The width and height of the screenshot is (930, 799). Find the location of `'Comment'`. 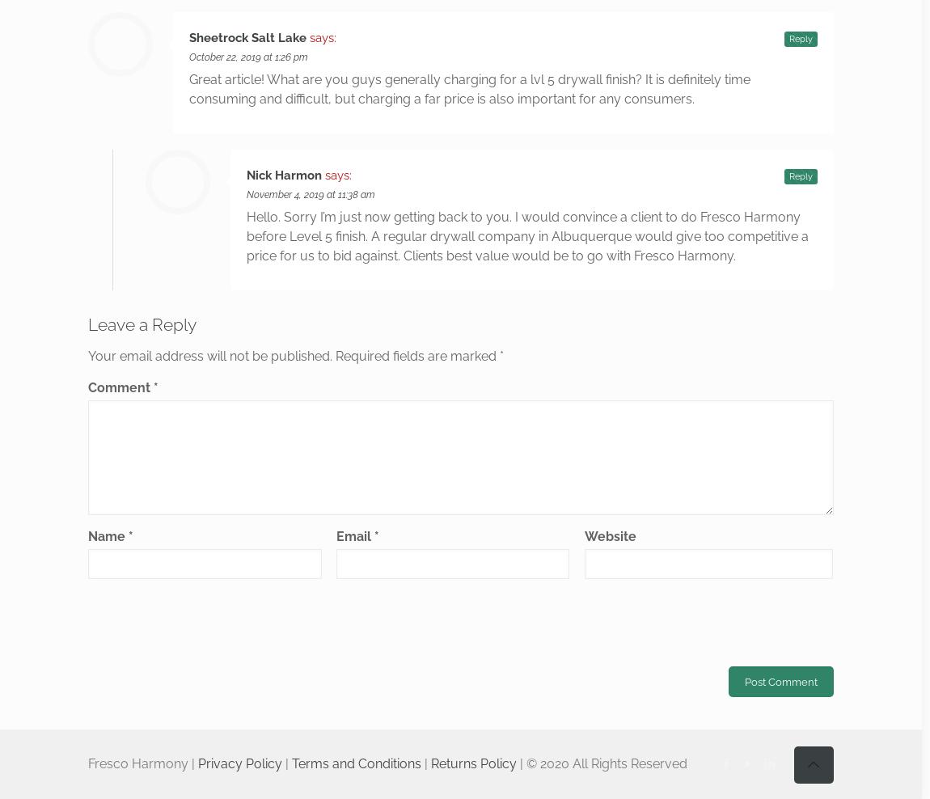

'Comment' is located at coordinates (87, 387).